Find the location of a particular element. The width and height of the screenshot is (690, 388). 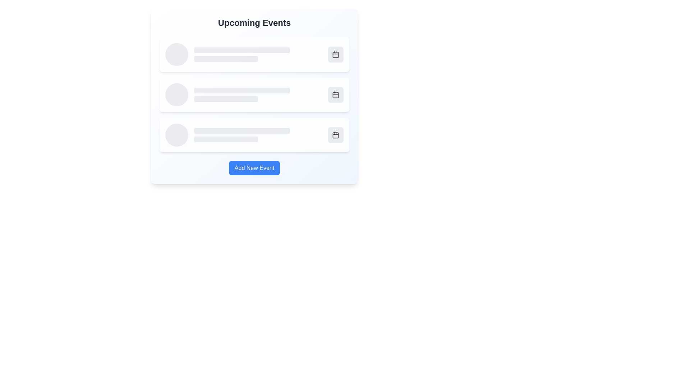

the button located at the bottom center of the event card is located at coordinates (254, 168).